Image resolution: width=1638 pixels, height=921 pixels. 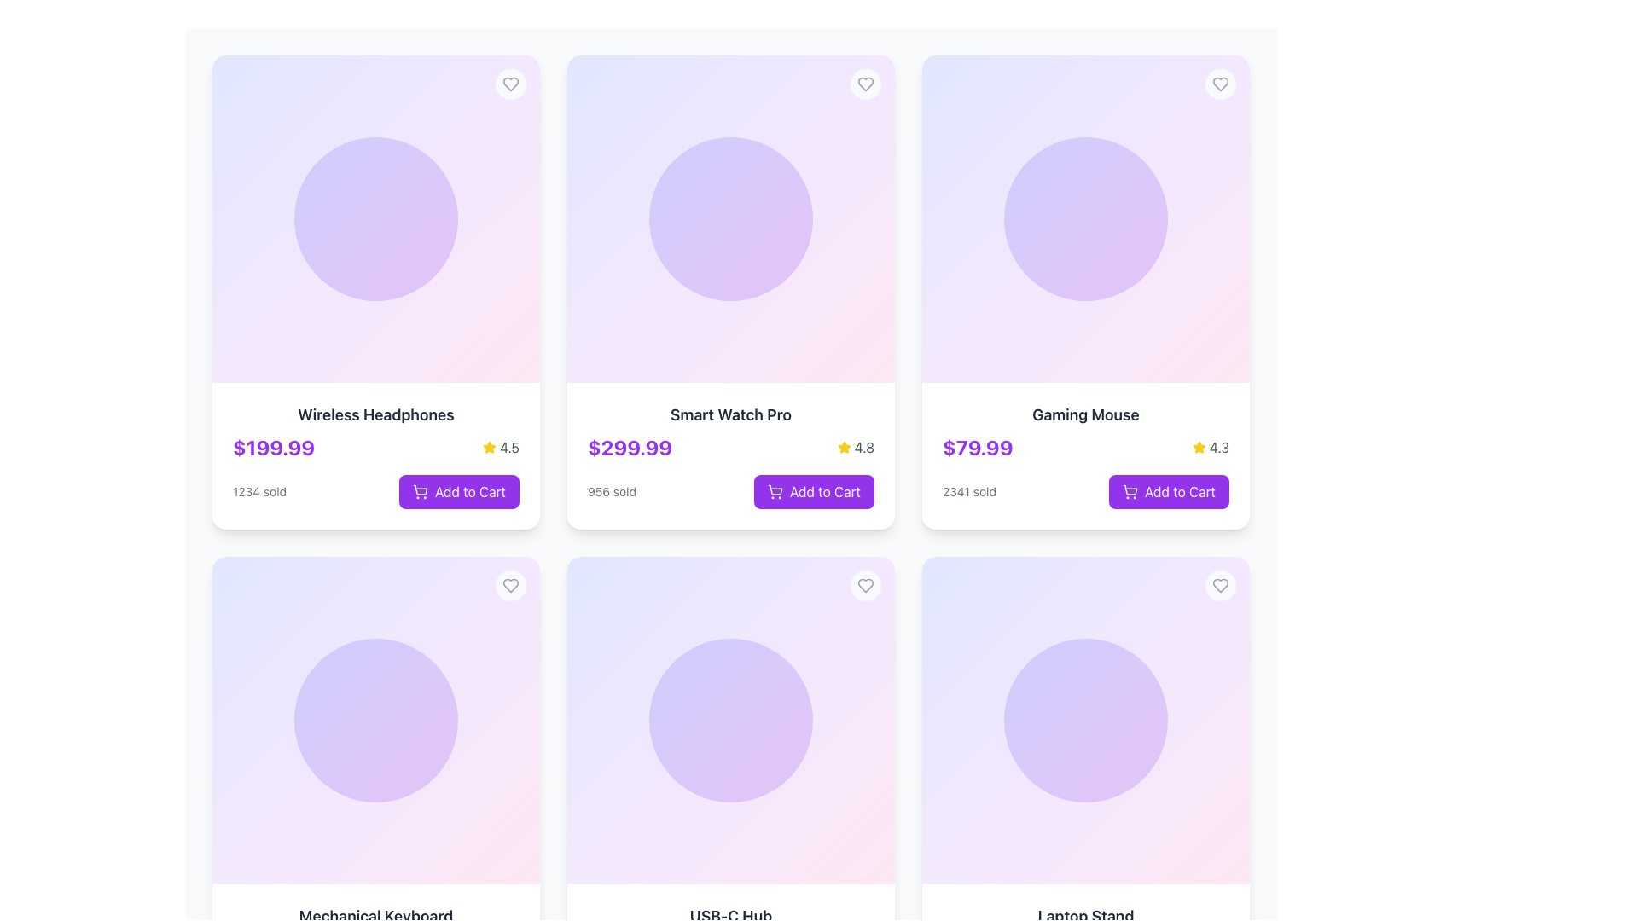 I want to click on the heart-shaped outline icon in the top-right corner of the 'Laptop Stand' card, so click(x=1219, y=584).